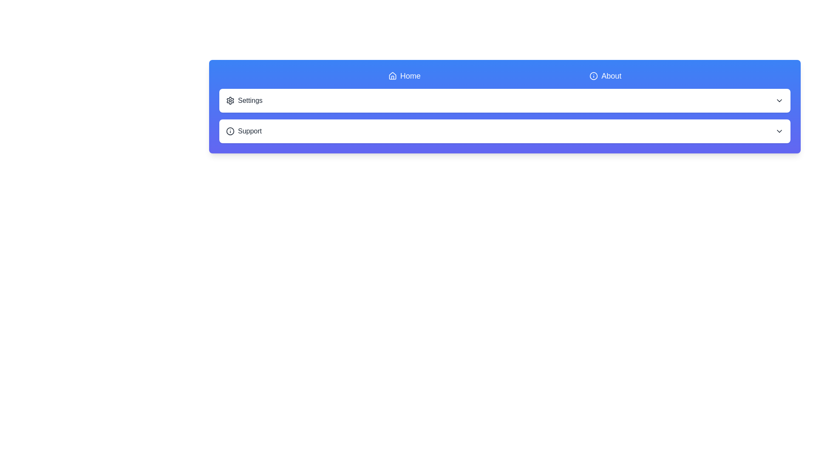 This screenshot has height=459, width=816. Describe the element at coordinates (244, 100) in the screenshot. I see `the settings button located above the 'Support' element in the UI to potentially reveal additional information` at that location.